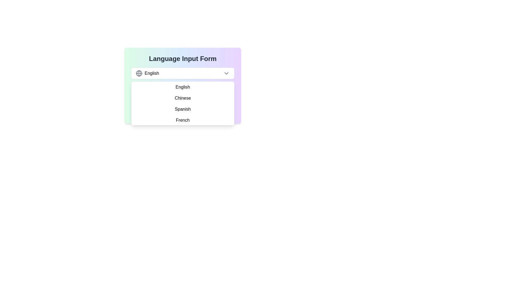  What do you see at coordinates (147, 73) in the screenshot?
I see `the 'English' label next to the globe icon in the dropdown list` at bounding box center [147, 73].